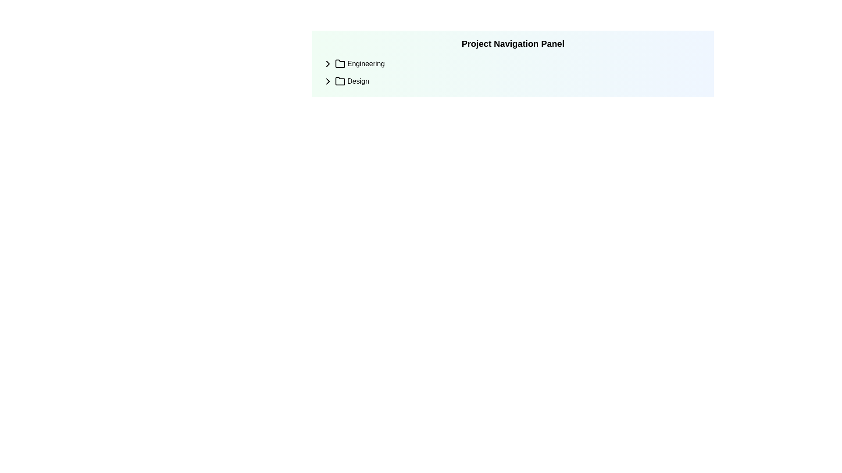  Describe the element at coordinates (340, 81) in the screenshot. I see `the folder icon representing the 'Design' category in the navigation panel, which is positioned to the left of the 'Design' label` at that location.